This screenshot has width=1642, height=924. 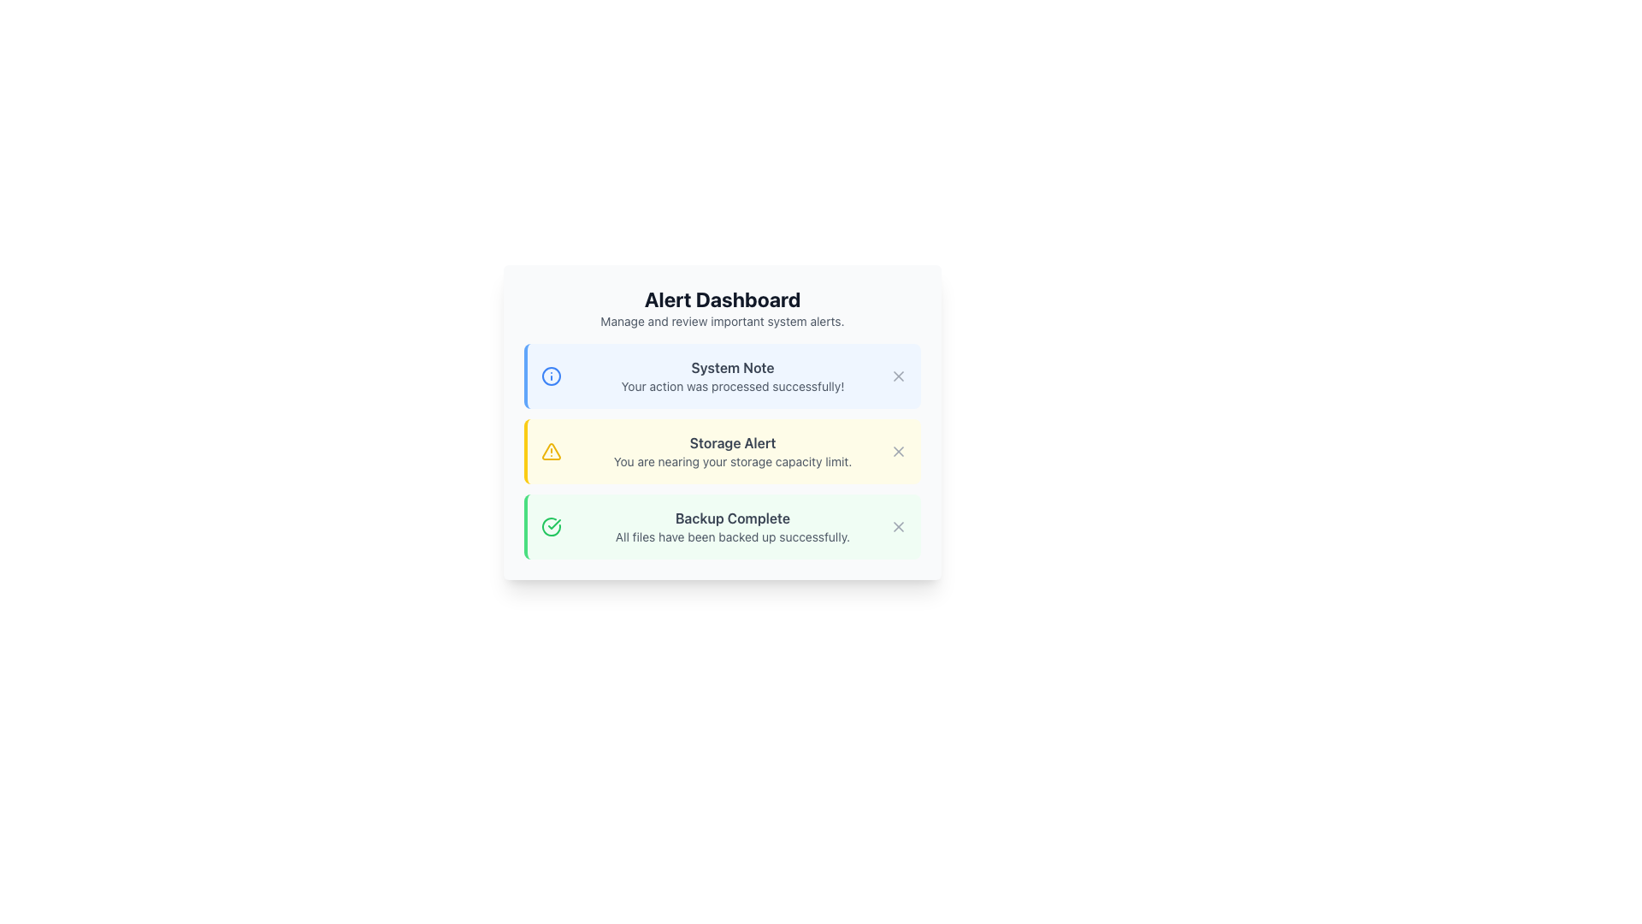 I want to click on the warning alert notification located below the 'System Note' alert and above the 'Backup Complete' alert, so click(x=722, y=451).